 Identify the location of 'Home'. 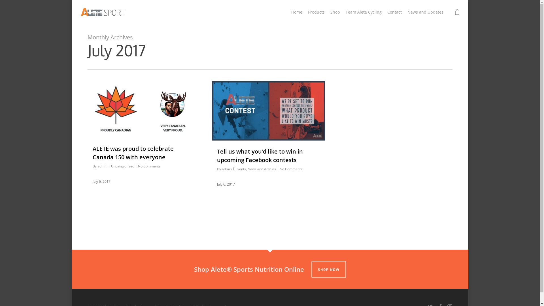
(296, 12).